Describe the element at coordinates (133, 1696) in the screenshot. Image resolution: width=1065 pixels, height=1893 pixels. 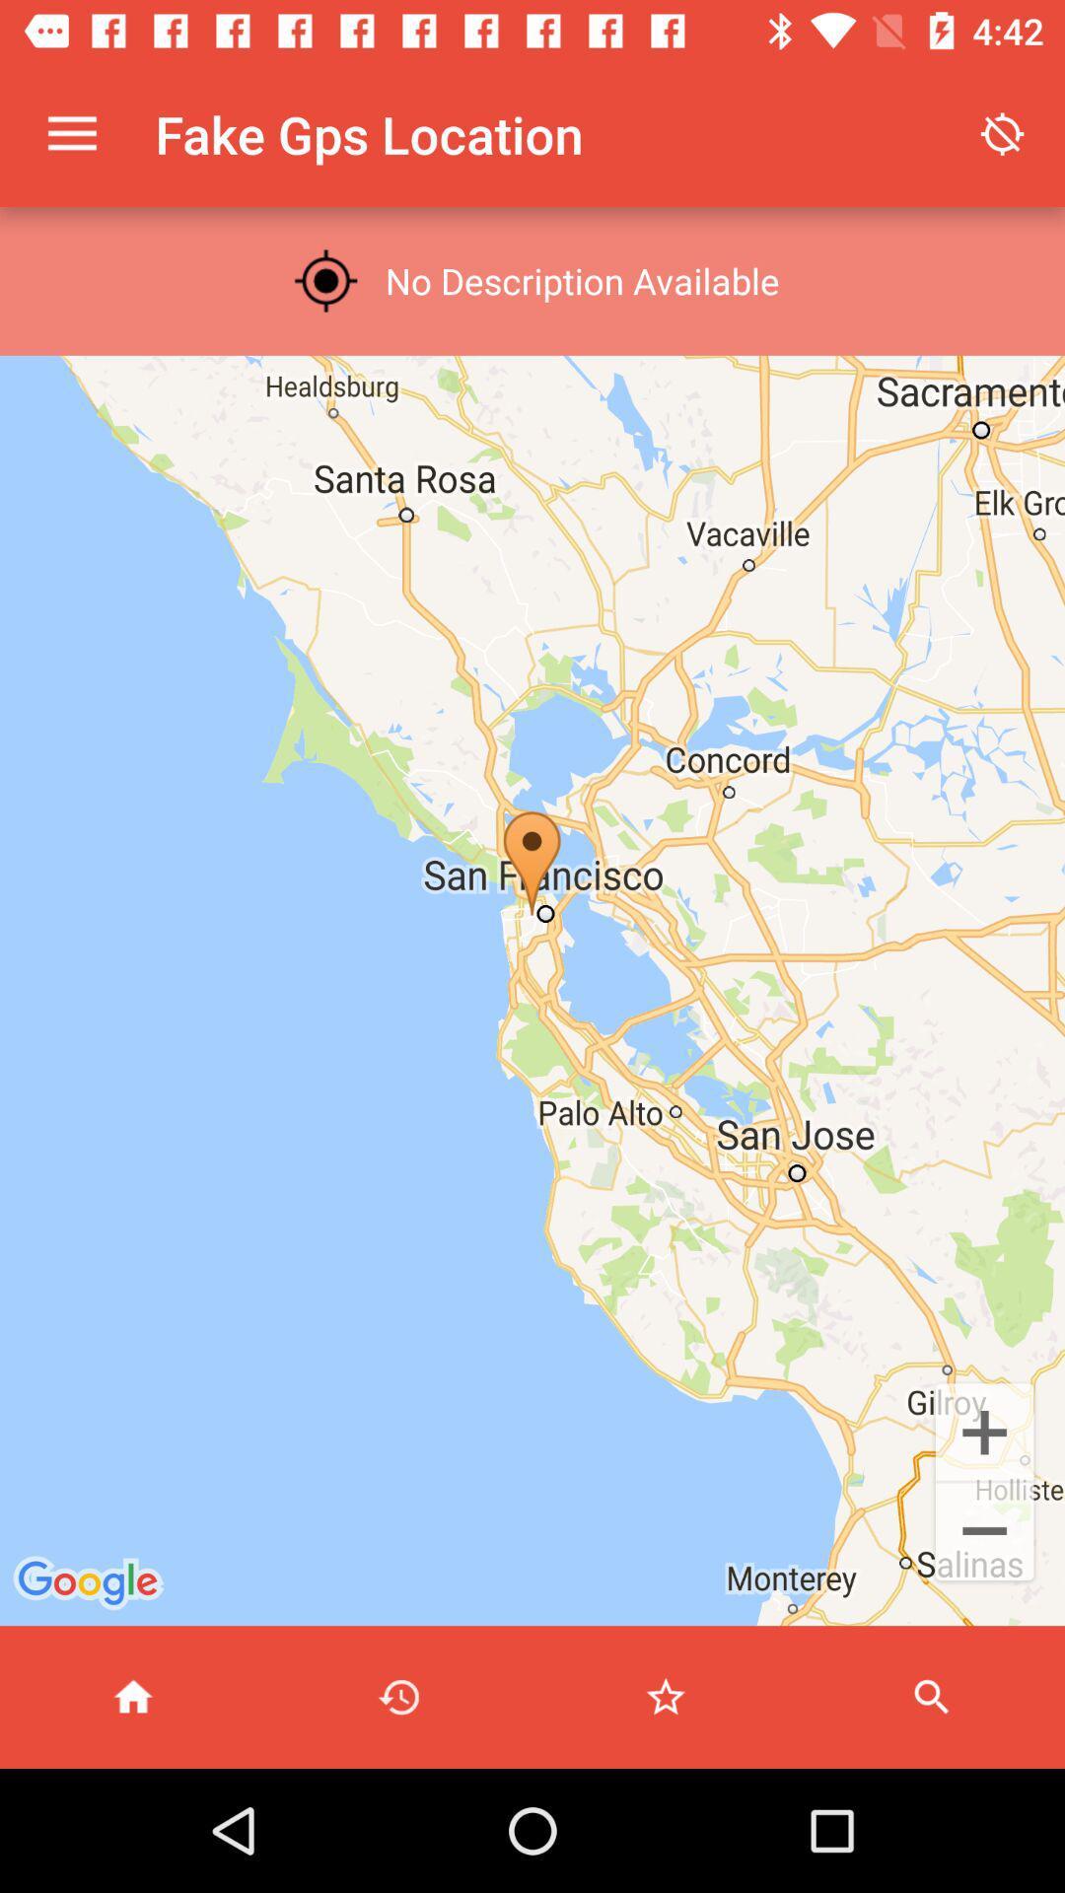
I see `open home` at that location.